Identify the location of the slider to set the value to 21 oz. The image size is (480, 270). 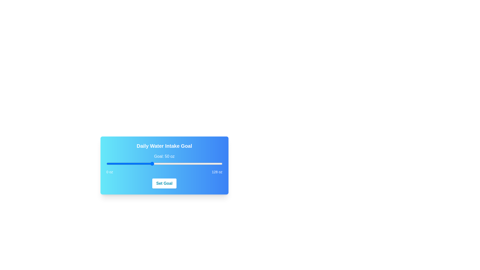
(125, 164).